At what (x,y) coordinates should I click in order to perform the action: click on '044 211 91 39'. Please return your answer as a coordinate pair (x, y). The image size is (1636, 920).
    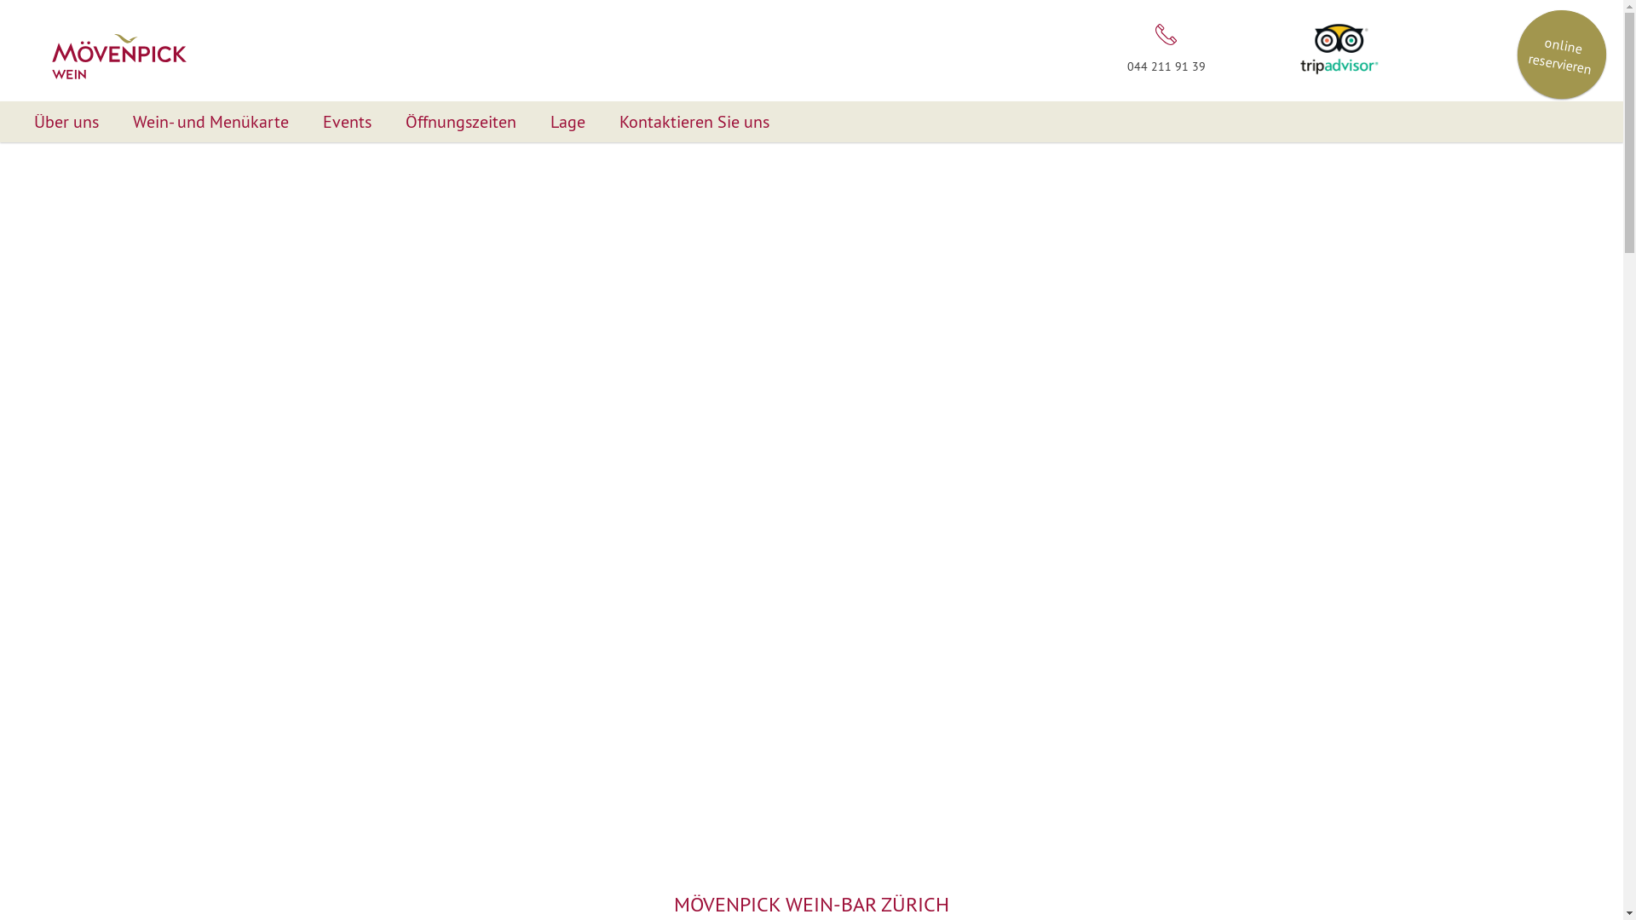
    Looking at the image, I should click on (1165, 45).